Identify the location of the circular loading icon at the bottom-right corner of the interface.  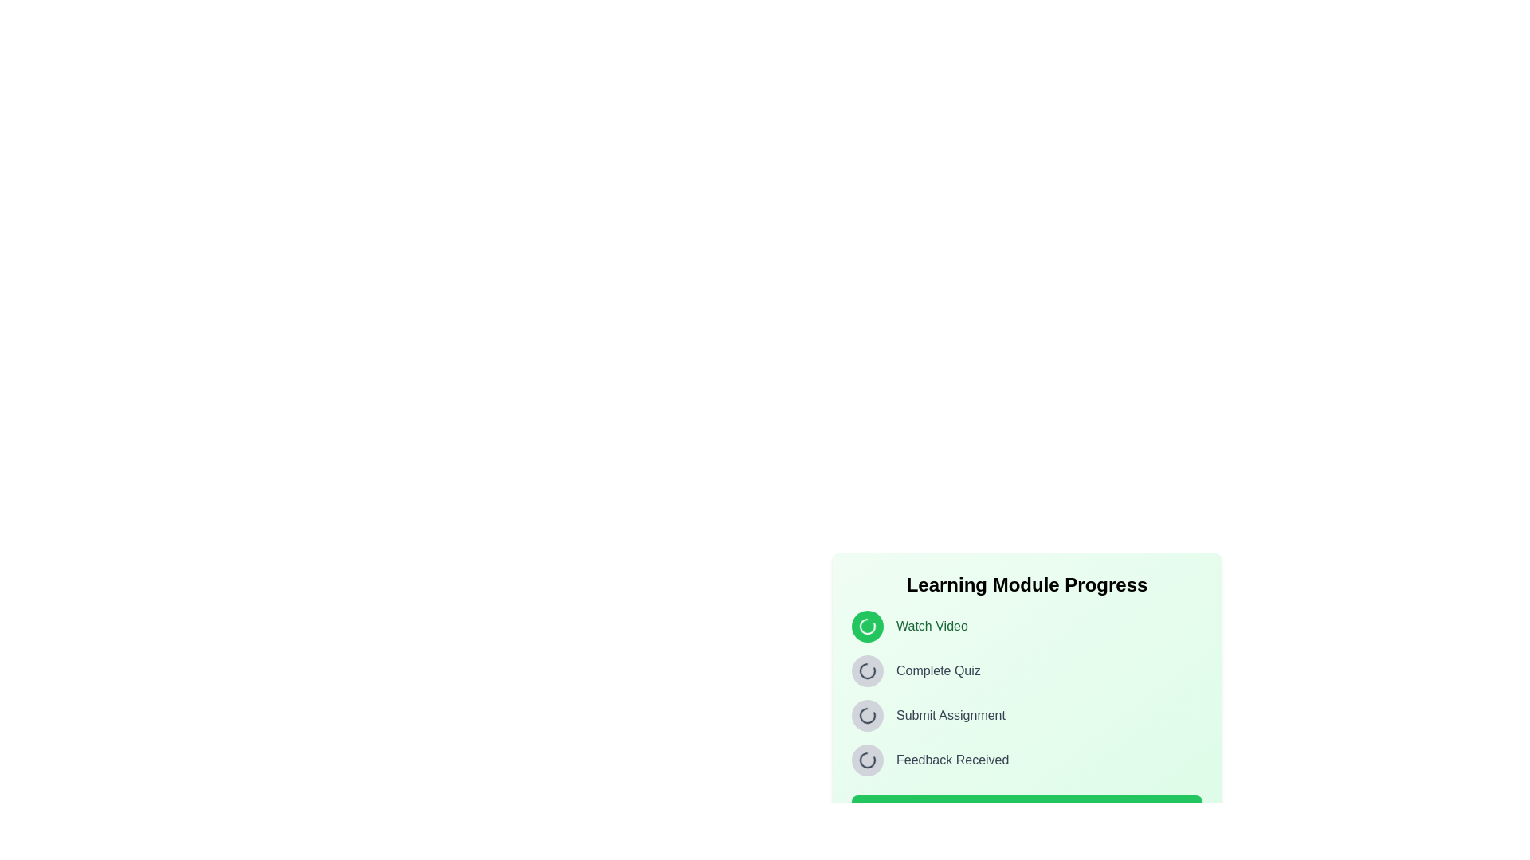
(867, 760).